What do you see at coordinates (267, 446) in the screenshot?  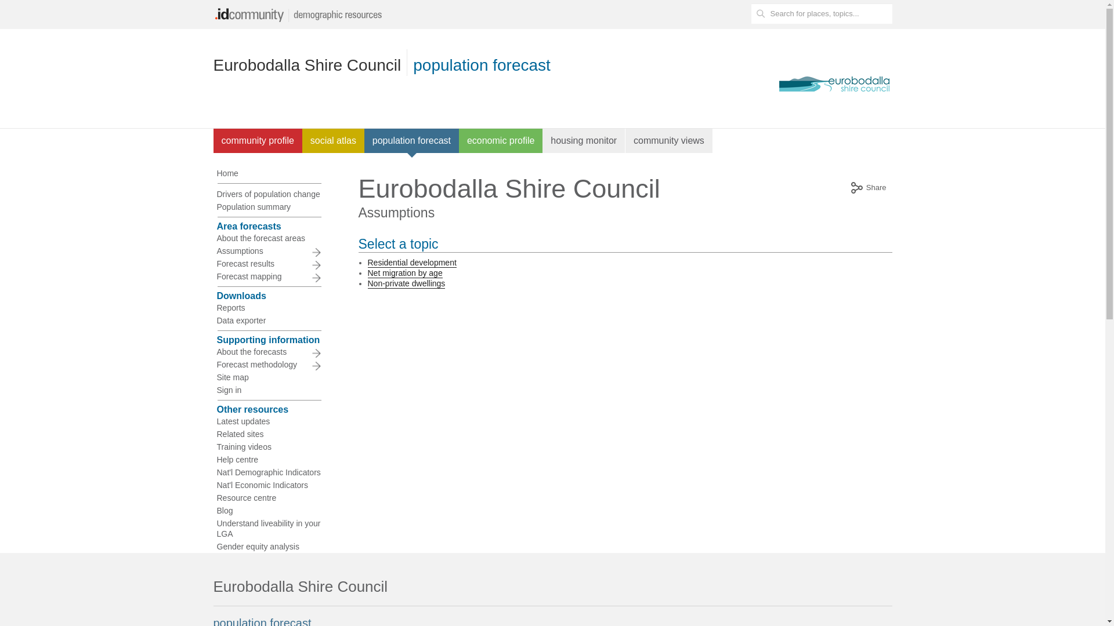 I see `'Training videos'` at bounding box center [267, 446].